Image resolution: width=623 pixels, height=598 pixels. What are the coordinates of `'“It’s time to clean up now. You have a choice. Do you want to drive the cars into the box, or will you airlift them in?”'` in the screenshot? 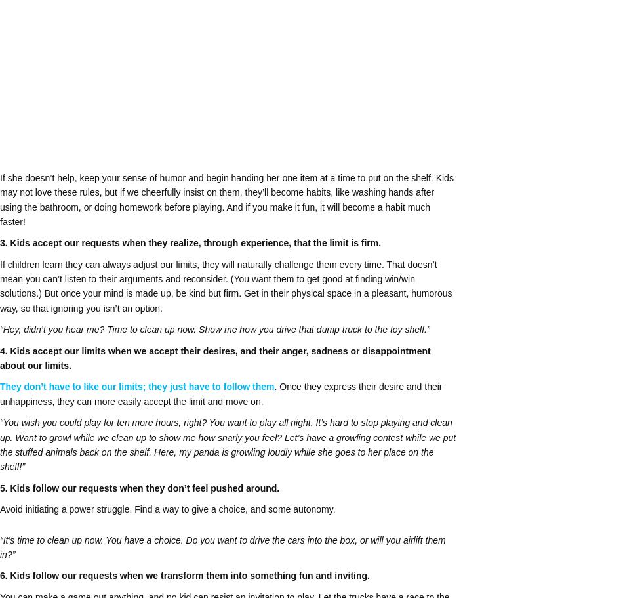 It's located at (222, 546).